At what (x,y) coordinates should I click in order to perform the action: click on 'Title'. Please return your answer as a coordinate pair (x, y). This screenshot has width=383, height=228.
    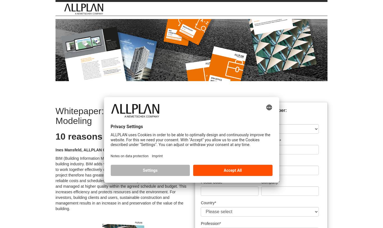
    Looking at the image, I should click on (204, 120).